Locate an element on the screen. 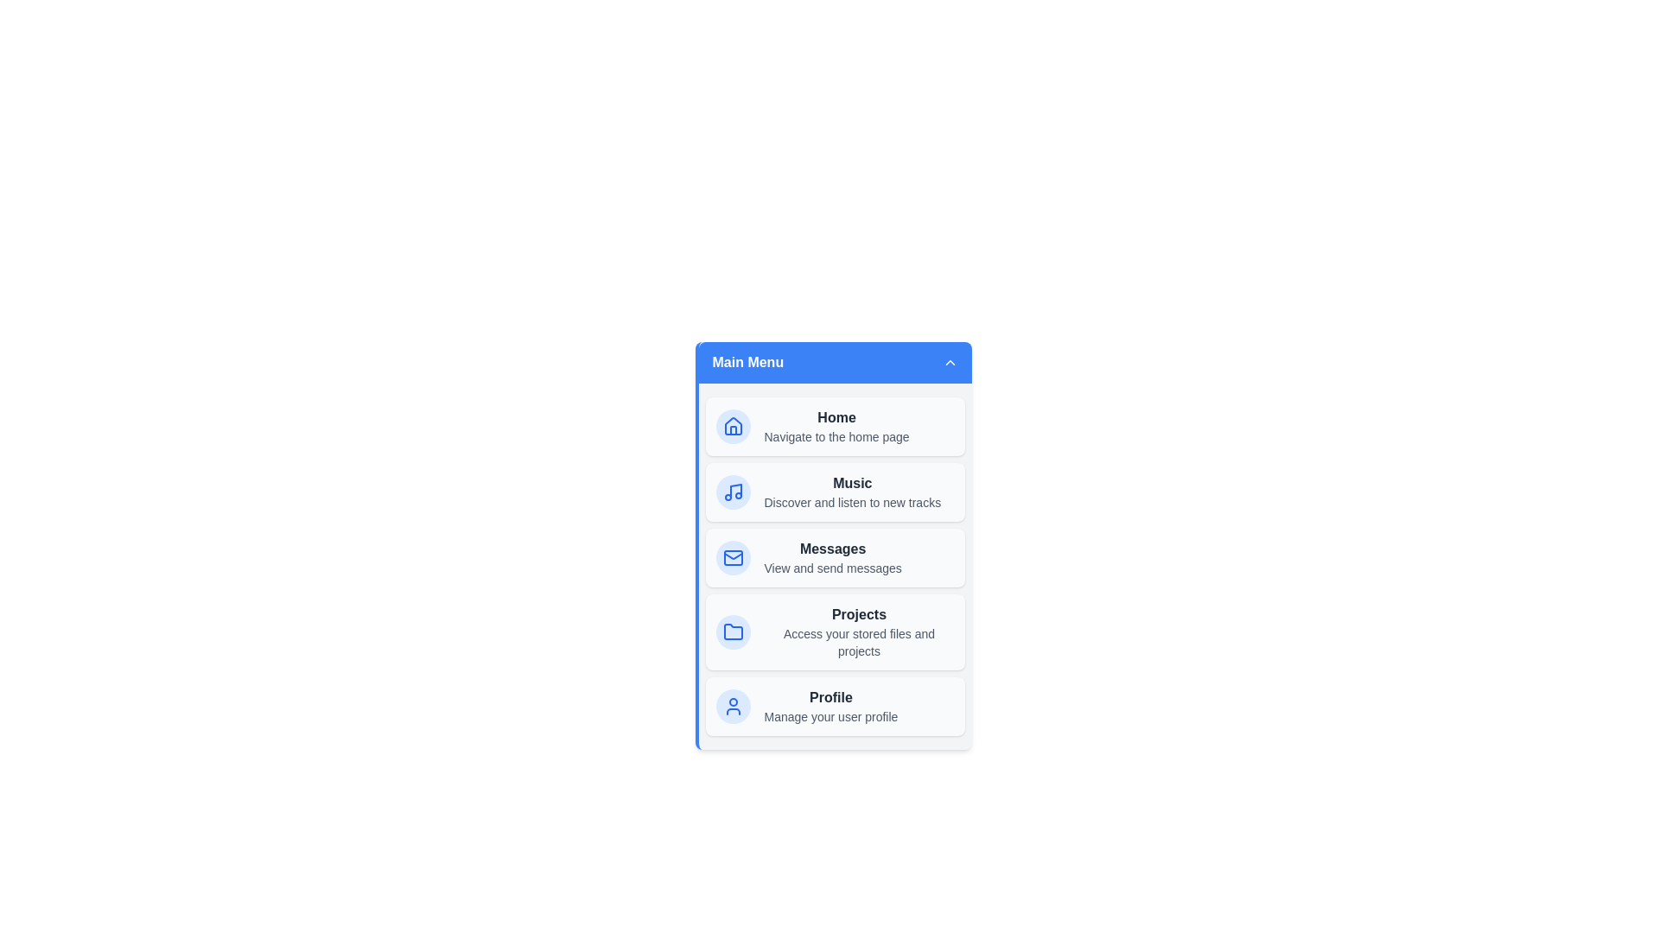  the menu item Messages to navigate to its respective section is located at coordinates (835, 557).